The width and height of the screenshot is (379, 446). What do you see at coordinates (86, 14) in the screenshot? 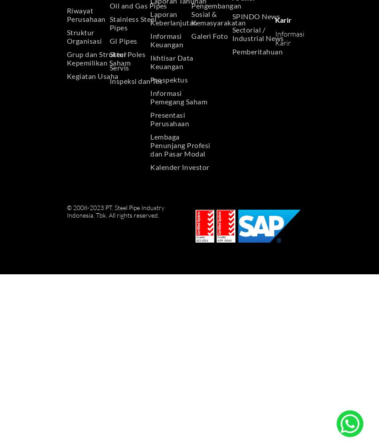
I see `'Riwayat Perusahaan'` at bounding box center [86, 14].